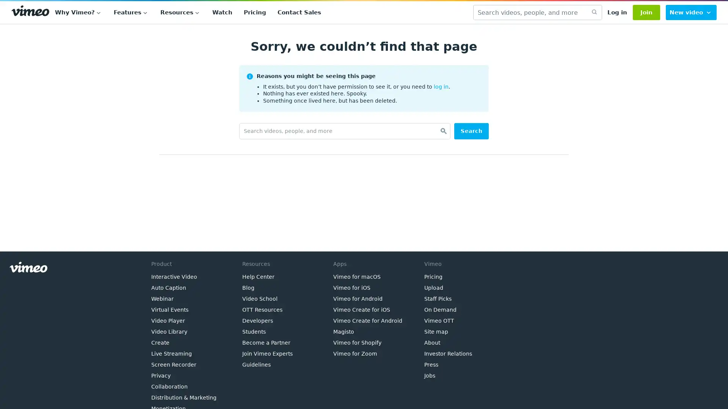 This screenshot has height=409, width=728. I want to click on New video, so click(691, 12).